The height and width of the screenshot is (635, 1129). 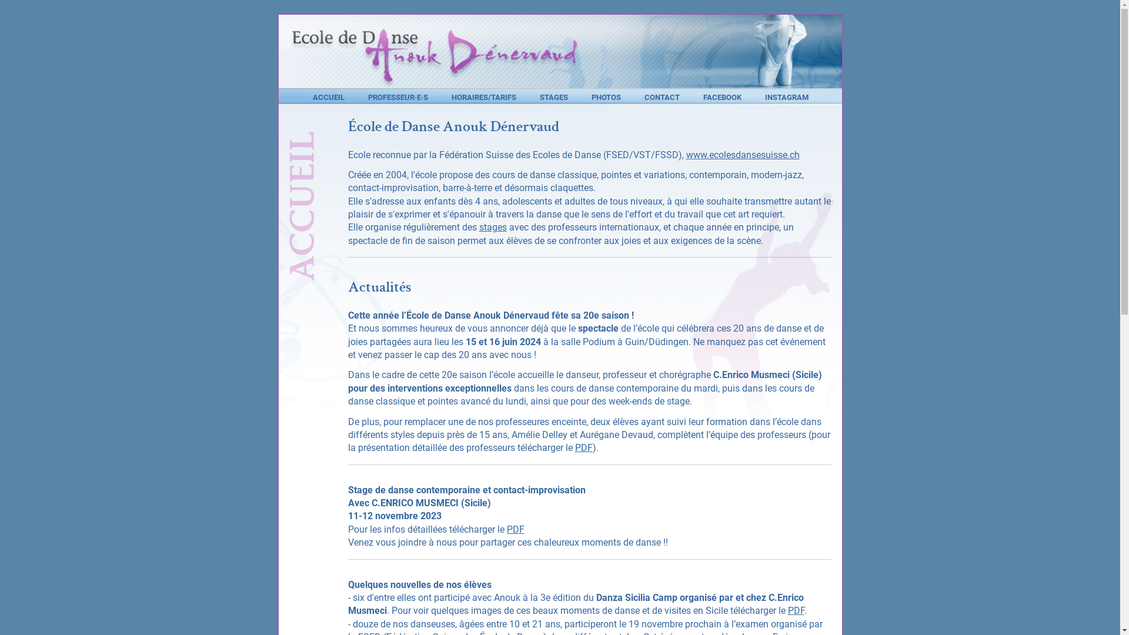 What do you see at coordinates (584, 447) in the screenshot?
I see `'PDF'` at bounding box center [584, 447].